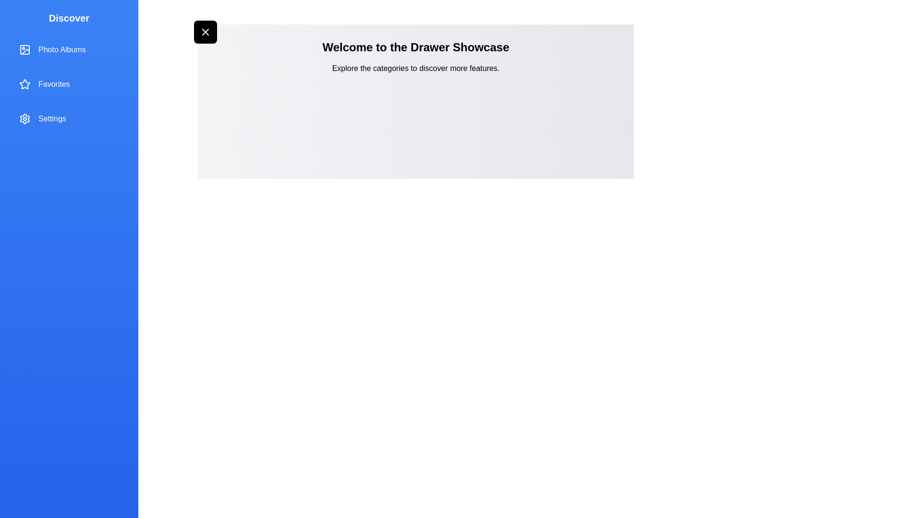 This screenshot has width=922, height=518. Describe the element at coordinates (25, 118) in the screenshot. I see `the icon associated with Settings in the drawer` at that location.